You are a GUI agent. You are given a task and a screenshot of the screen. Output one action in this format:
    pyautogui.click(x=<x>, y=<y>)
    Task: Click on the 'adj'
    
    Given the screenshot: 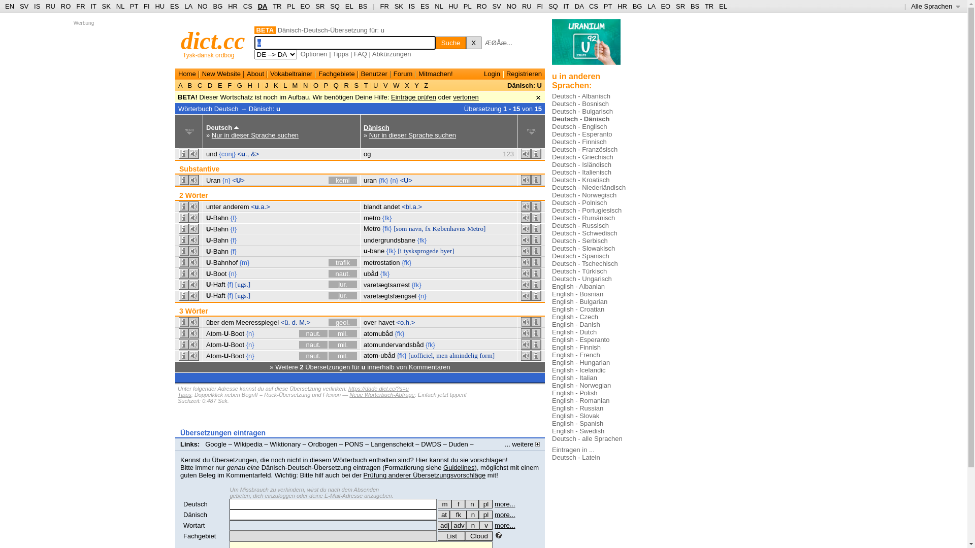 What is the action you would take?
    pyautogui.click(x=438, y=525)
    